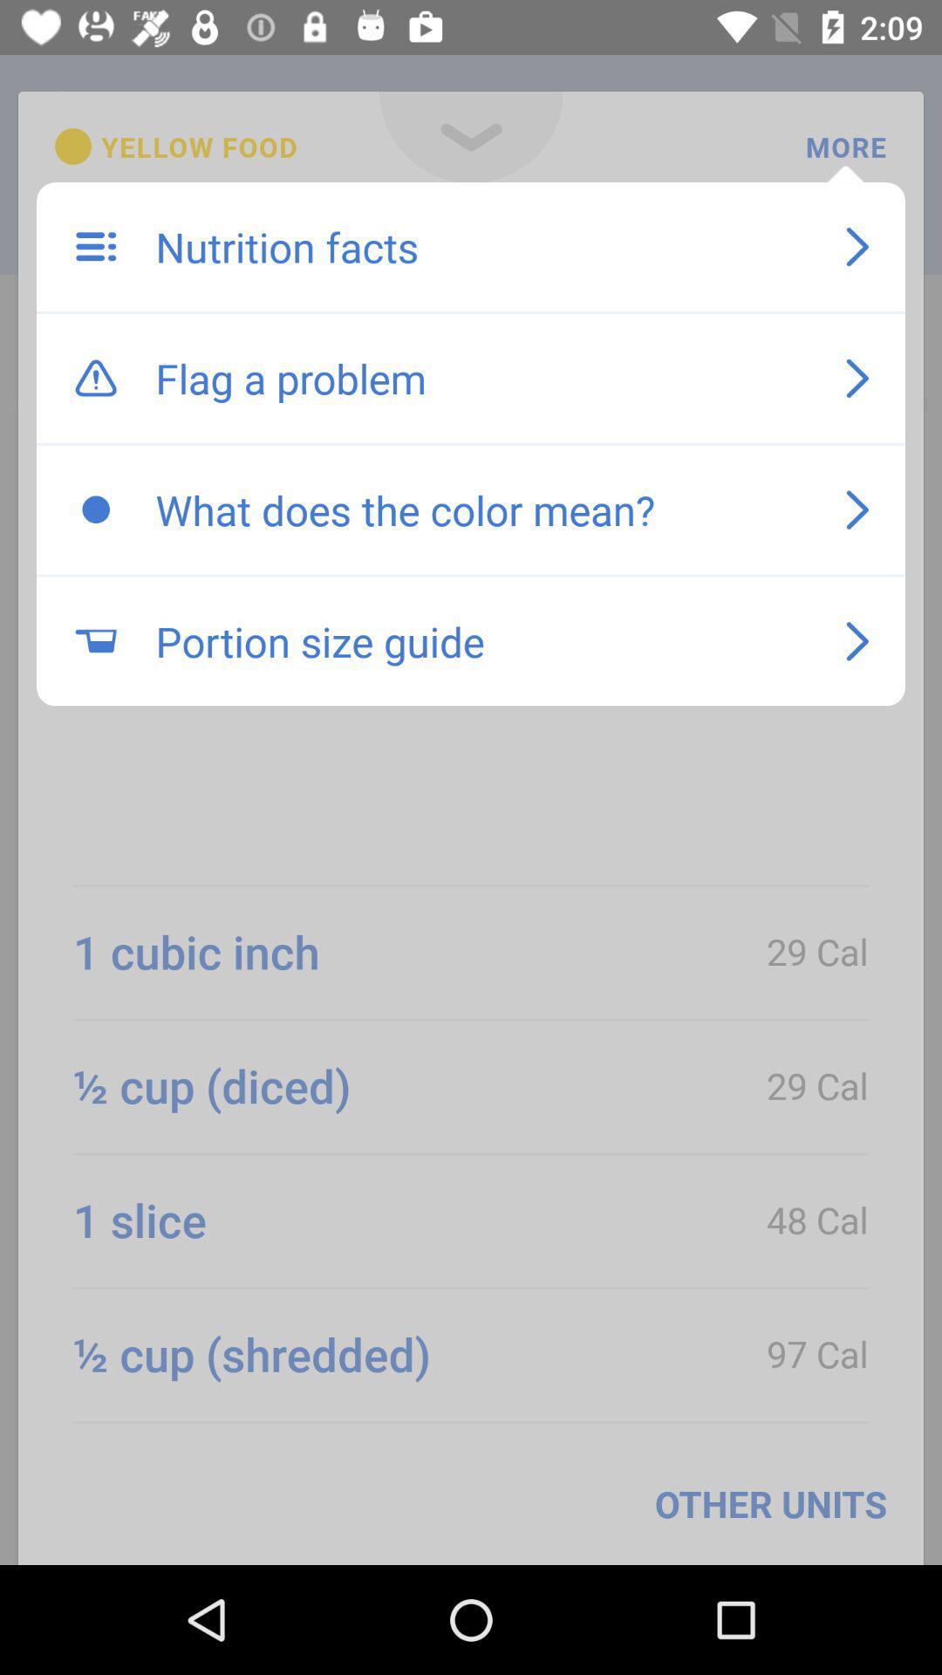  I want to click on the portion size guide, so click(482, 640).